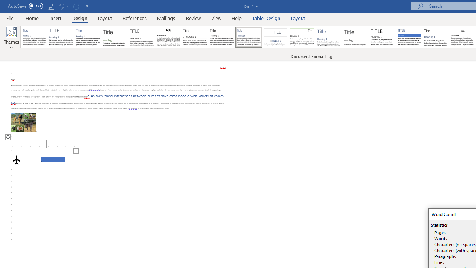  I want to click on 'Lines (Simple)', so click(329, 37).